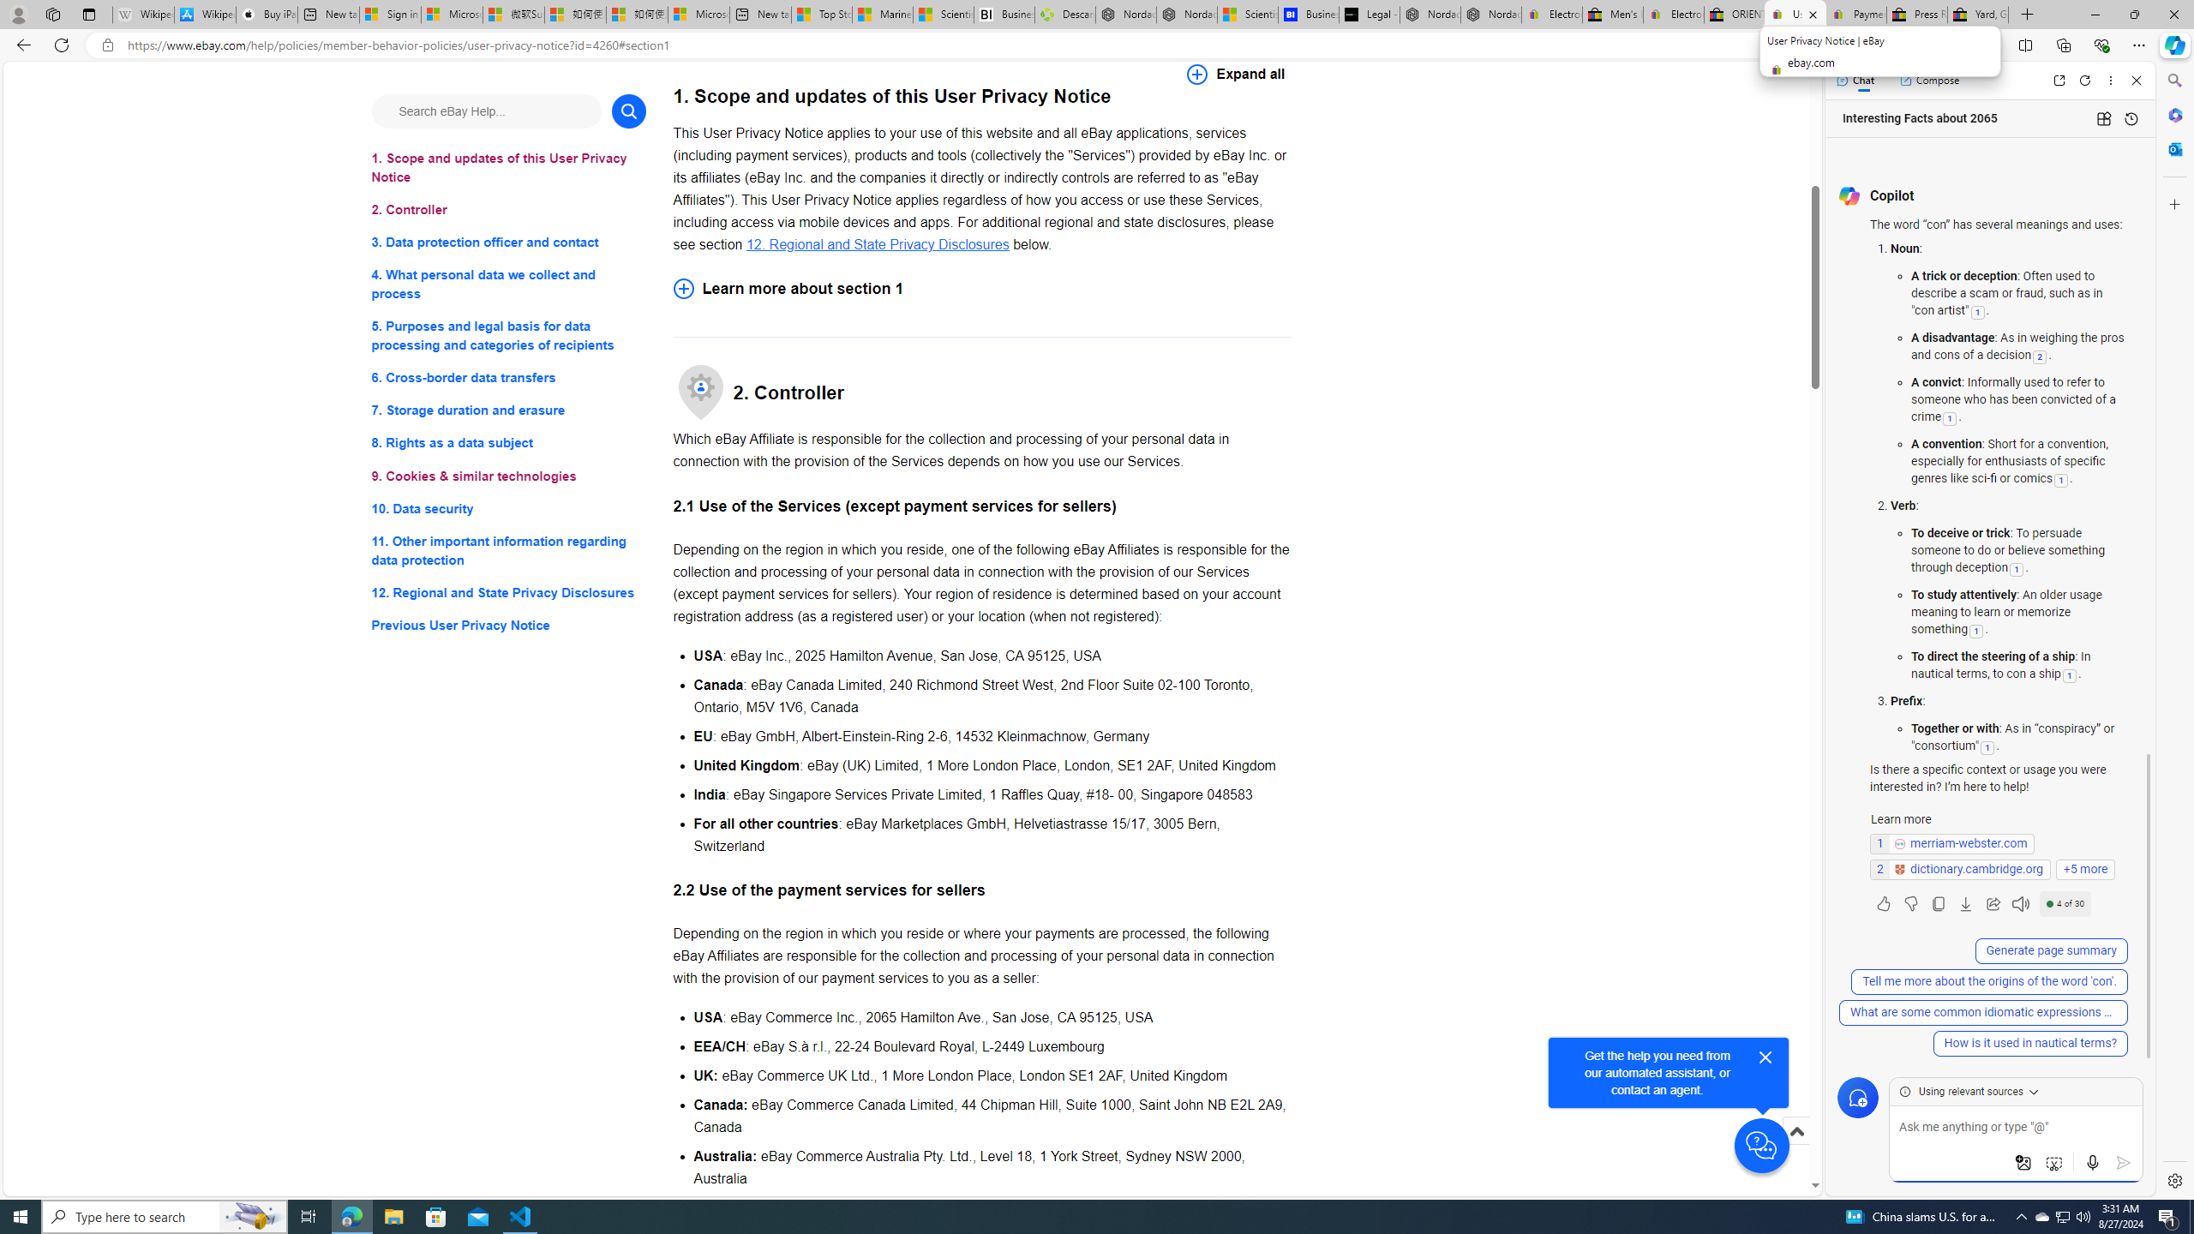 The image size is (2194, 1234). What do you see at coordinates (1795, 1148) in the screenshot?
I see `'Scroll to top'` at bounding box center [1795, 1148].